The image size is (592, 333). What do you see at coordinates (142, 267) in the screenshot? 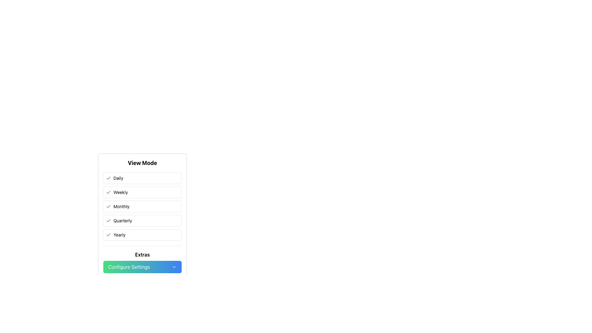
I see `the 'Configure Settings' button, which is a rectangular button with a gradient background from green to blue, located at the bottom of the 'Extras' section` at bounding box center [142, 267].